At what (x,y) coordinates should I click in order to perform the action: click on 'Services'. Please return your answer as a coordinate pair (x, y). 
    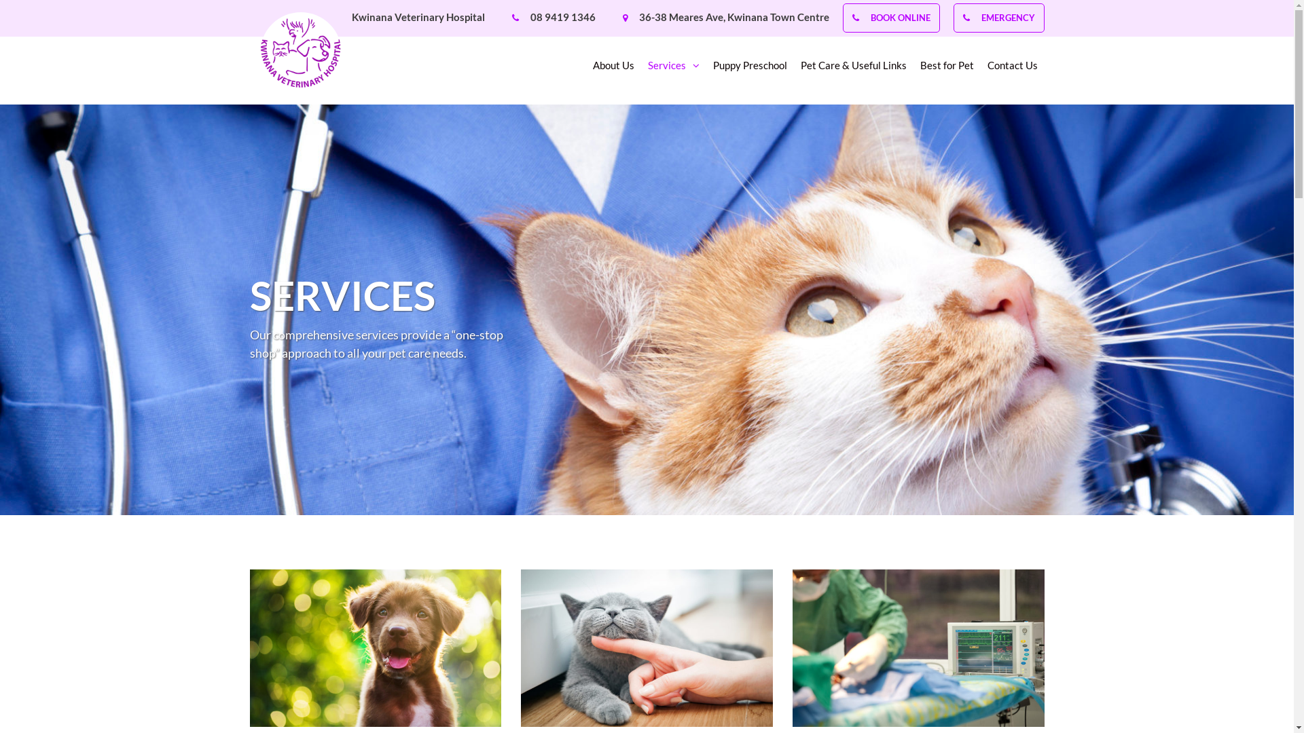
    Looking at the image, I should click on (674, 69).